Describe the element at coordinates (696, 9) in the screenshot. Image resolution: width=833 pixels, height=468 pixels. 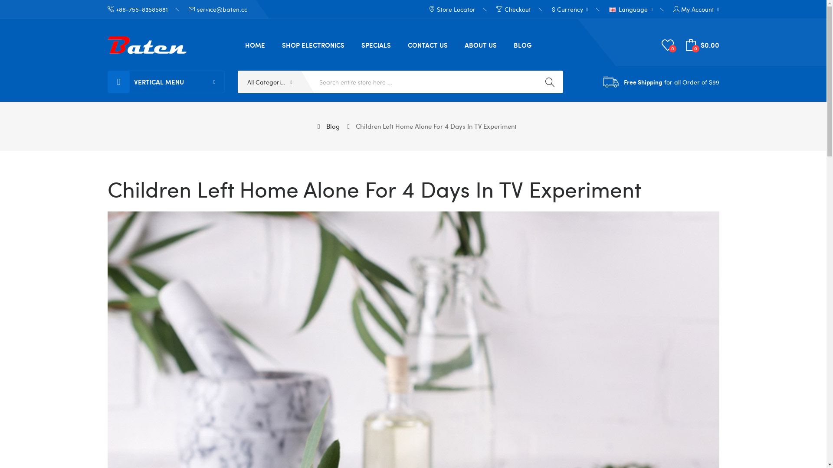
I see `'My Account'` at that location.